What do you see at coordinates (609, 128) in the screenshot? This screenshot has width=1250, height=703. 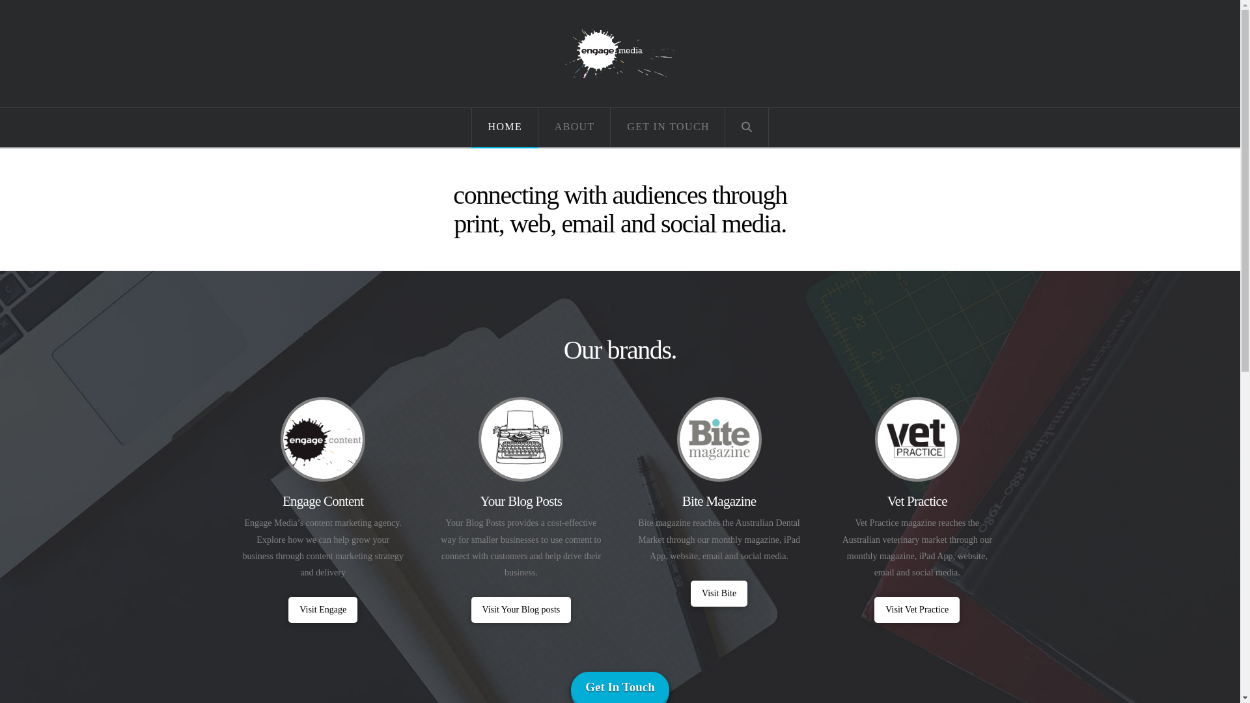 I see `'GET IN TOUCH'` at bounding box center [609, 128].